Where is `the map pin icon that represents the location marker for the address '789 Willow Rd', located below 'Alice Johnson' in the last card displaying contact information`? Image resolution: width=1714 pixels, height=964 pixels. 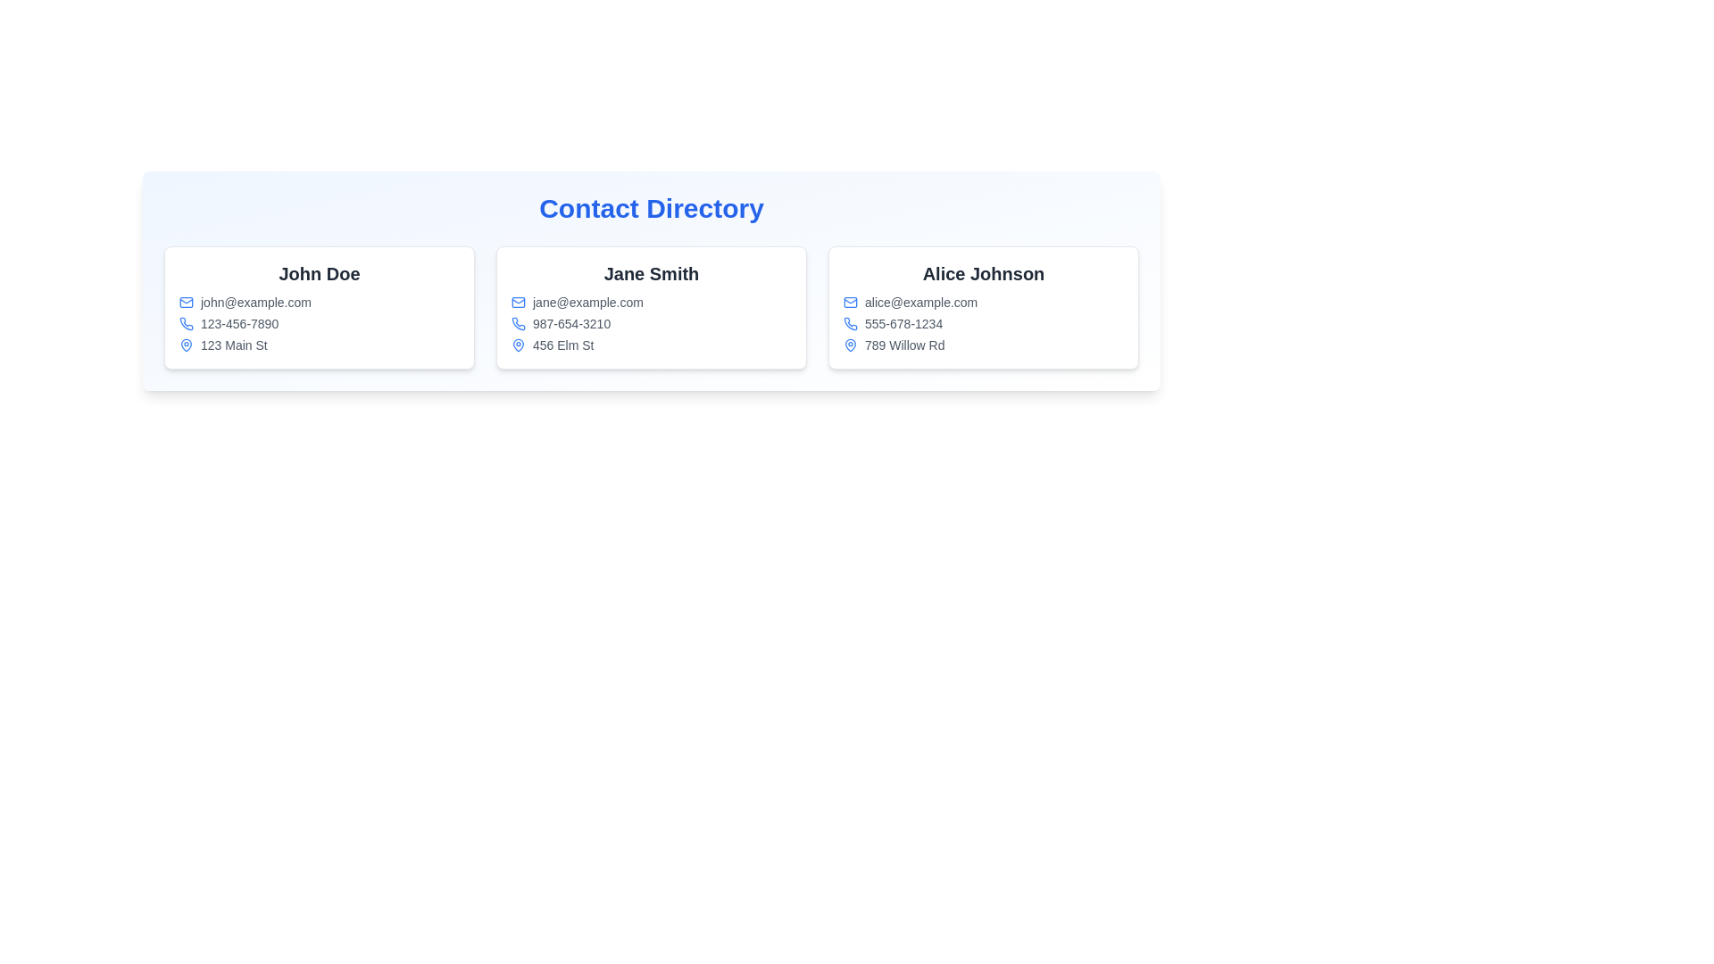 the map pin icon that represents the location marker for the address '789 Willow Rd', located below 'Alice Johnson' in the last card displaying contact information is located at coordinates (850, 345).